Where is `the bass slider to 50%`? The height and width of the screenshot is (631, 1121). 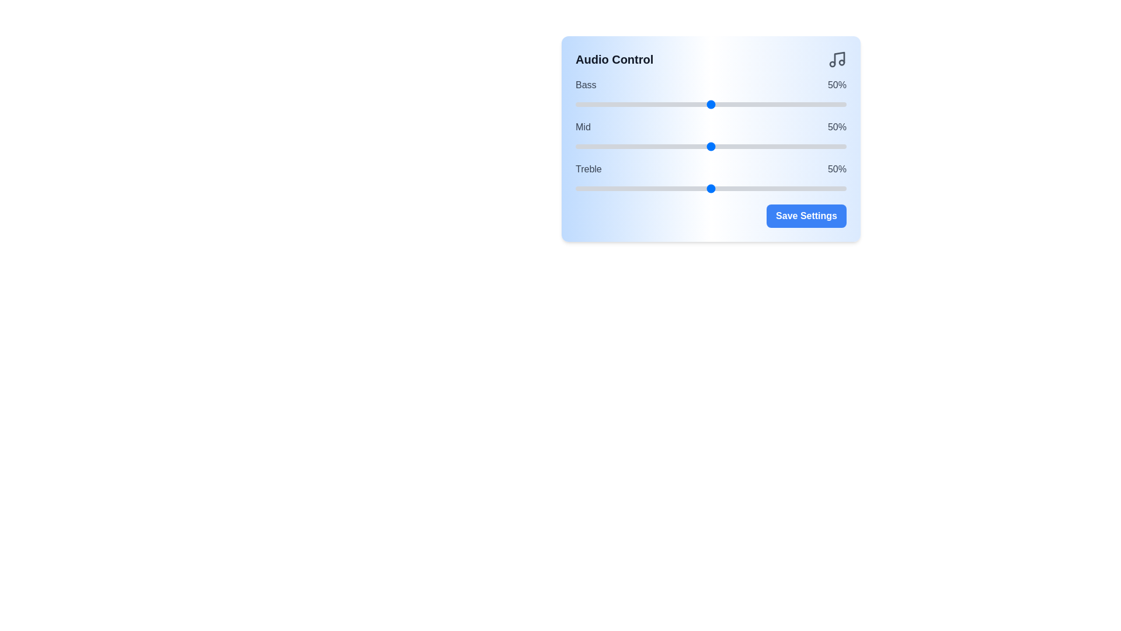 the bass slider to 50% is located at coordinates (711, 103).